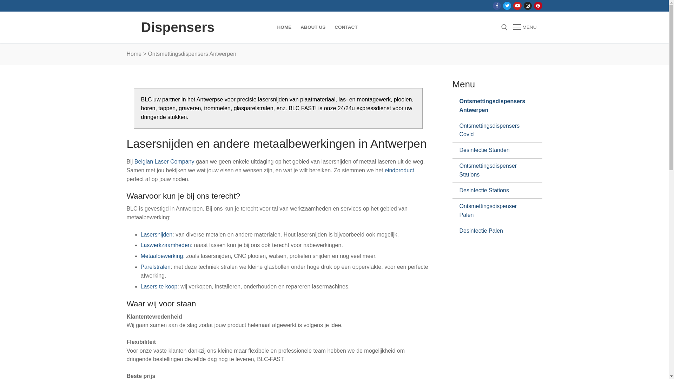 Image resolution: width=674 pixels, height=379 pixels. What do you see at coordinates (164, 161) in the screenshot?
I see `'Belgian Laser Company'` at bounding box center [164, 161].